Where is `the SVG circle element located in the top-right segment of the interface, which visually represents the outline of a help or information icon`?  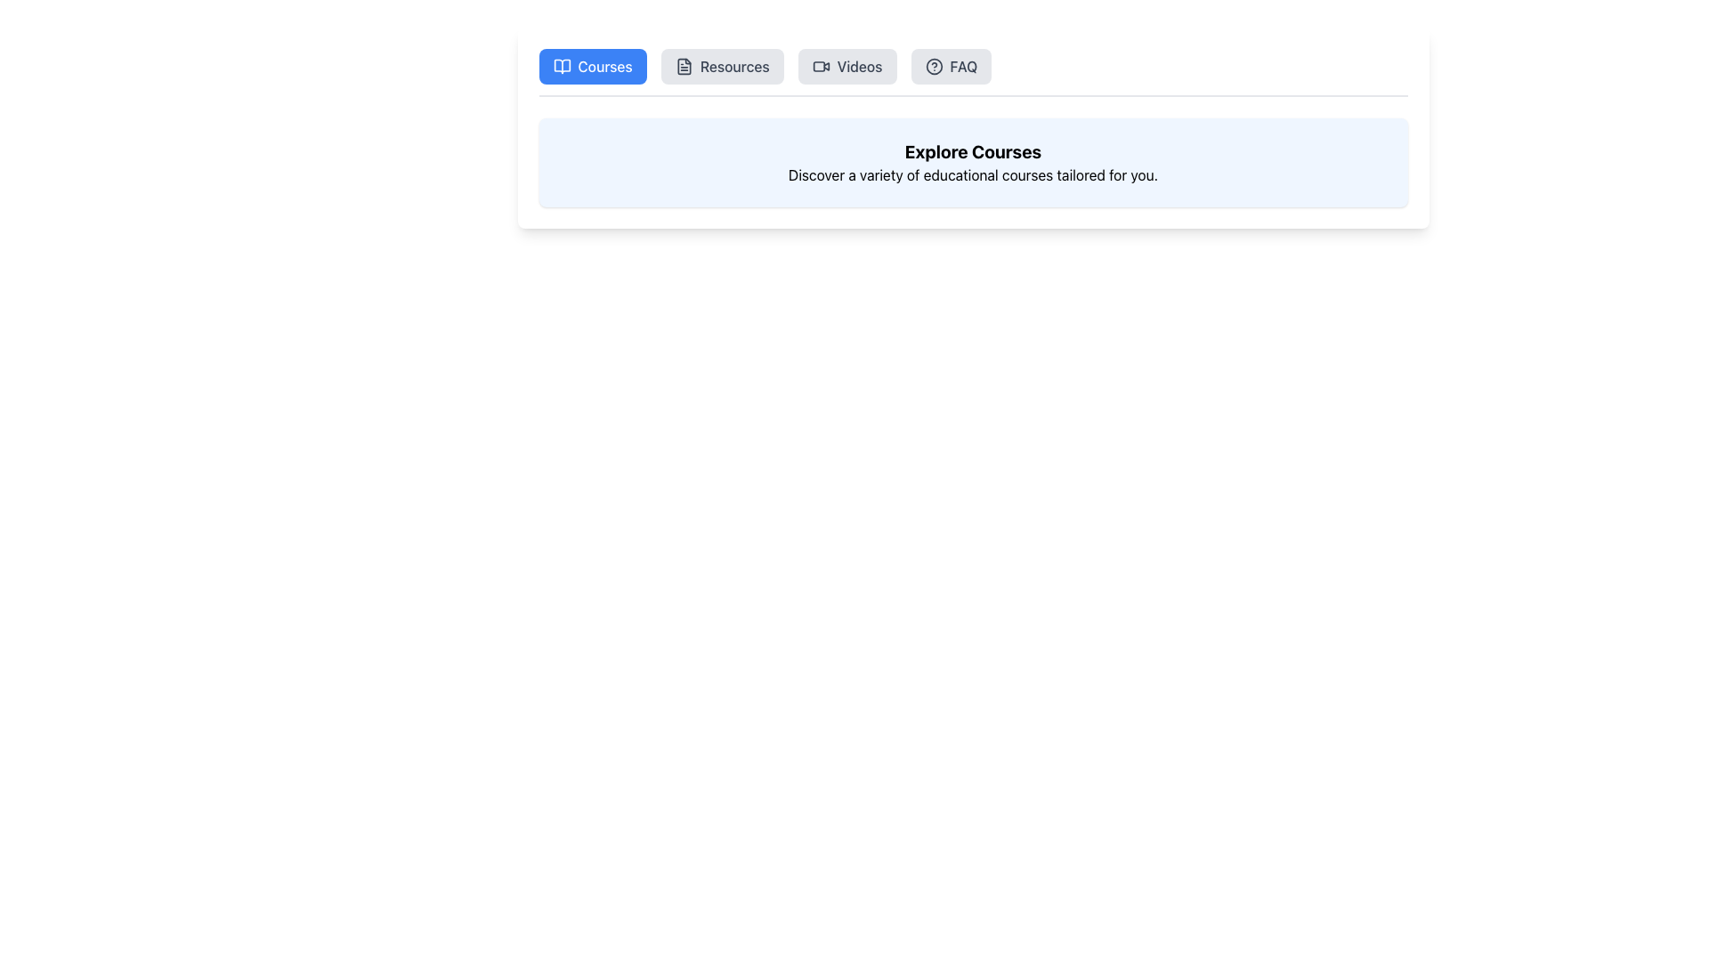
the SVG circle element located in the top-right segment of the interface, which visually represents the outline of a help or information icon is located at coordinates (933, 65).